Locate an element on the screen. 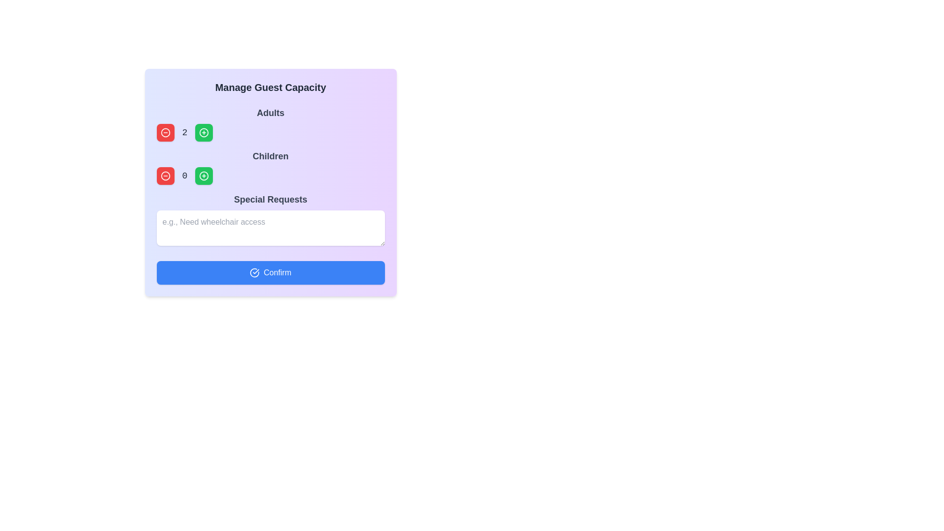 The height and width of the screenshot is (531, 944). the increment button, which is a circular green button with a white '+' symbol, located on the right side of the 'Children' label to increase the count is located at coordinates (204, 176).